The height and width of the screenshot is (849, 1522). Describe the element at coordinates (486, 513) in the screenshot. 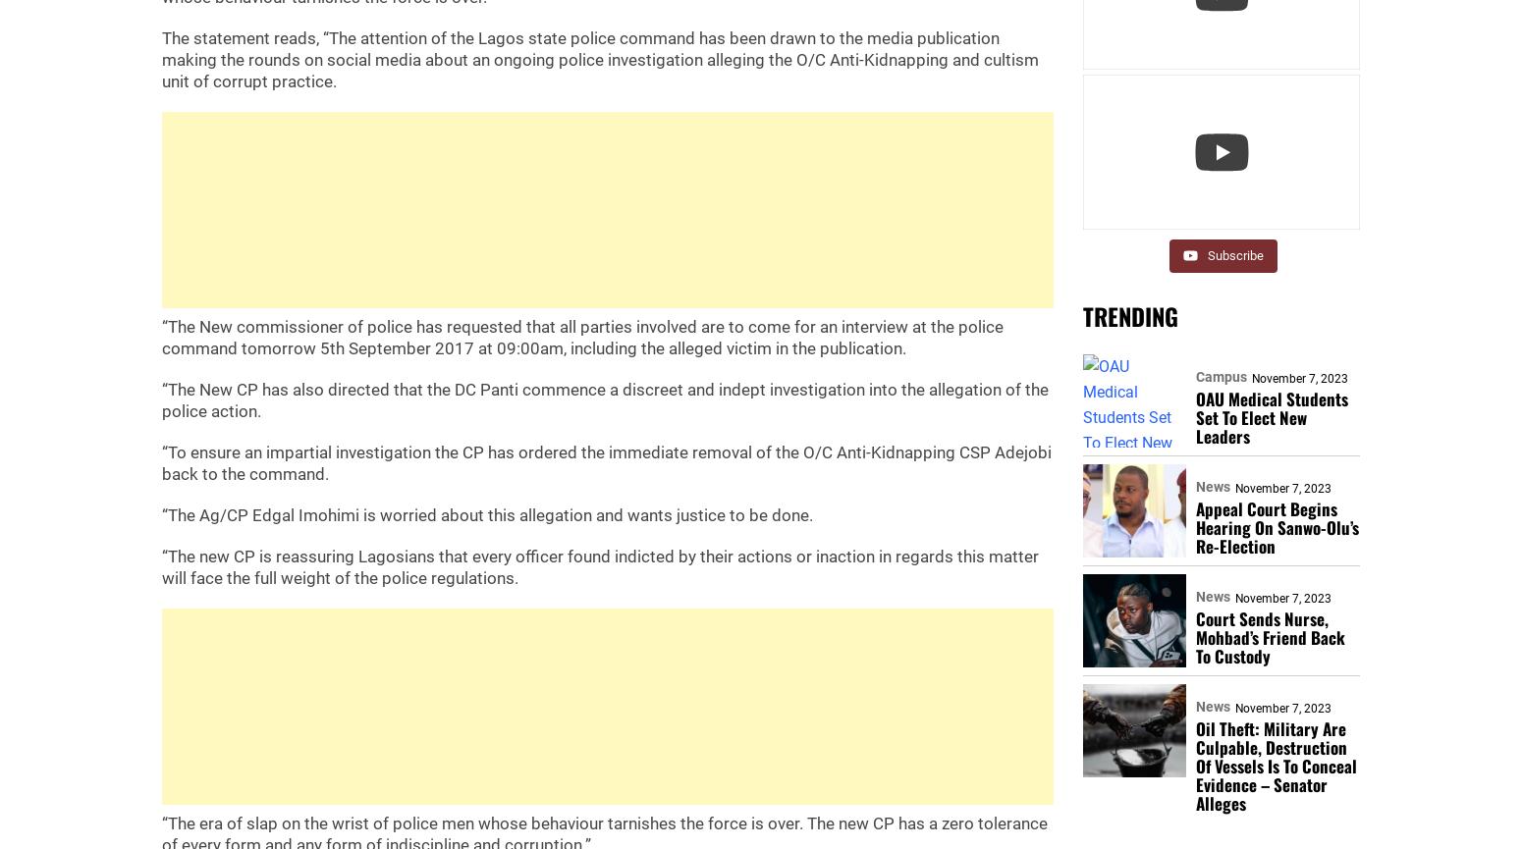

I see `'“The Ag/CP Edgal Imohimi is worried about this allegation and wants justice to be done.'` at that location.